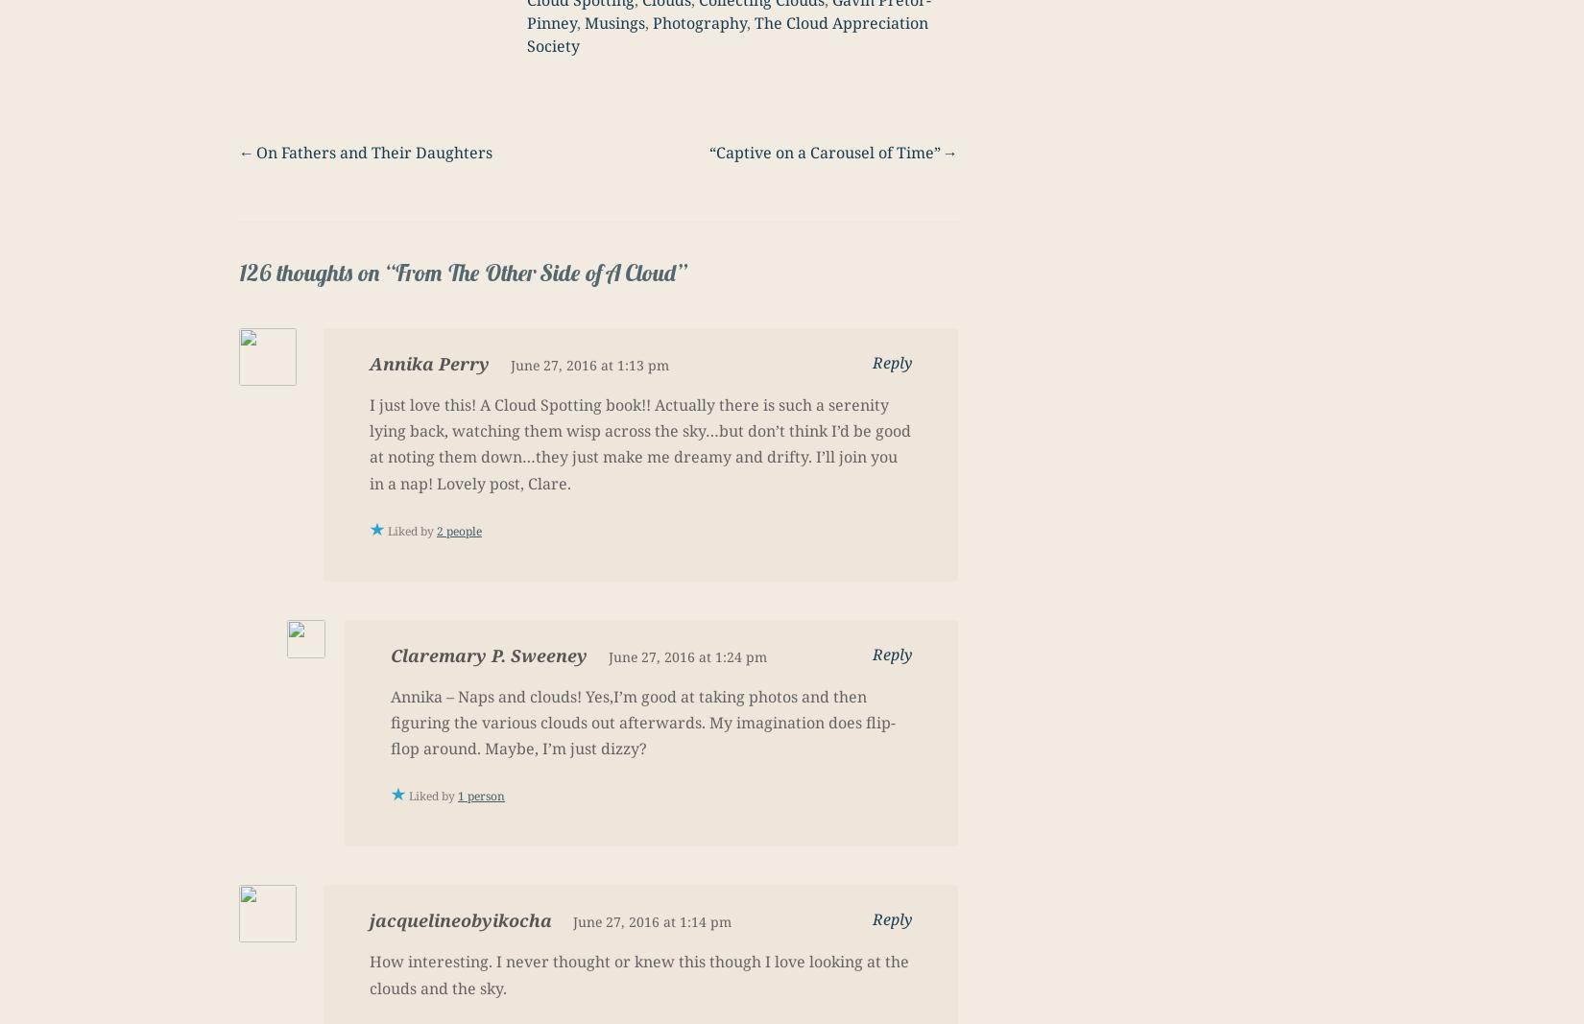 The image size is (1584, 1024). Describe the element at coordinates (686, 655) in the screenshot. I see `'June 27, 2016 at 1:24 pm'` at that location.